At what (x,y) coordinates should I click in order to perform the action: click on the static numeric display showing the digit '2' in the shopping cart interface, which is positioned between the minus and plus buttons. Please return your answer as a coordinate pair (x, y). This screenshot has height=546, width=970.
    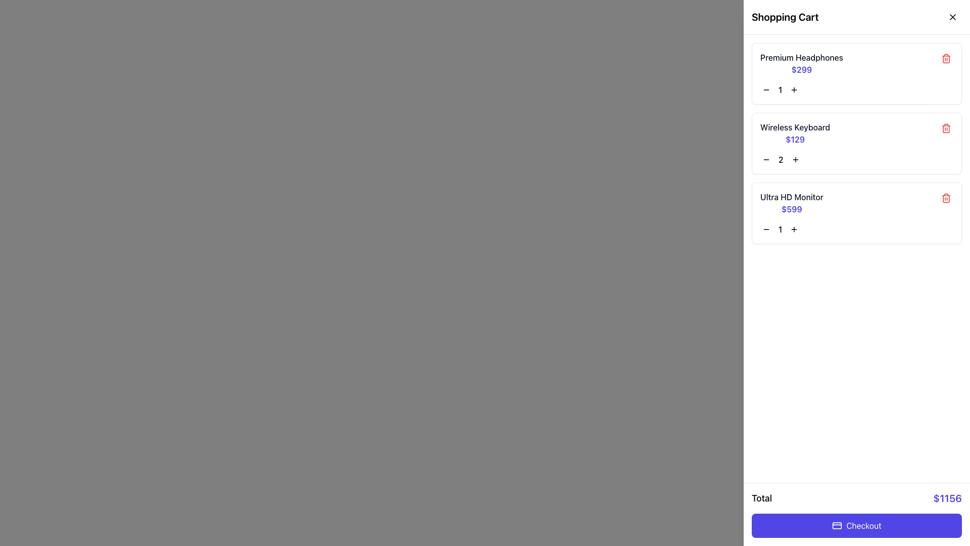
    Looking at the image, I should click on (780, 159).